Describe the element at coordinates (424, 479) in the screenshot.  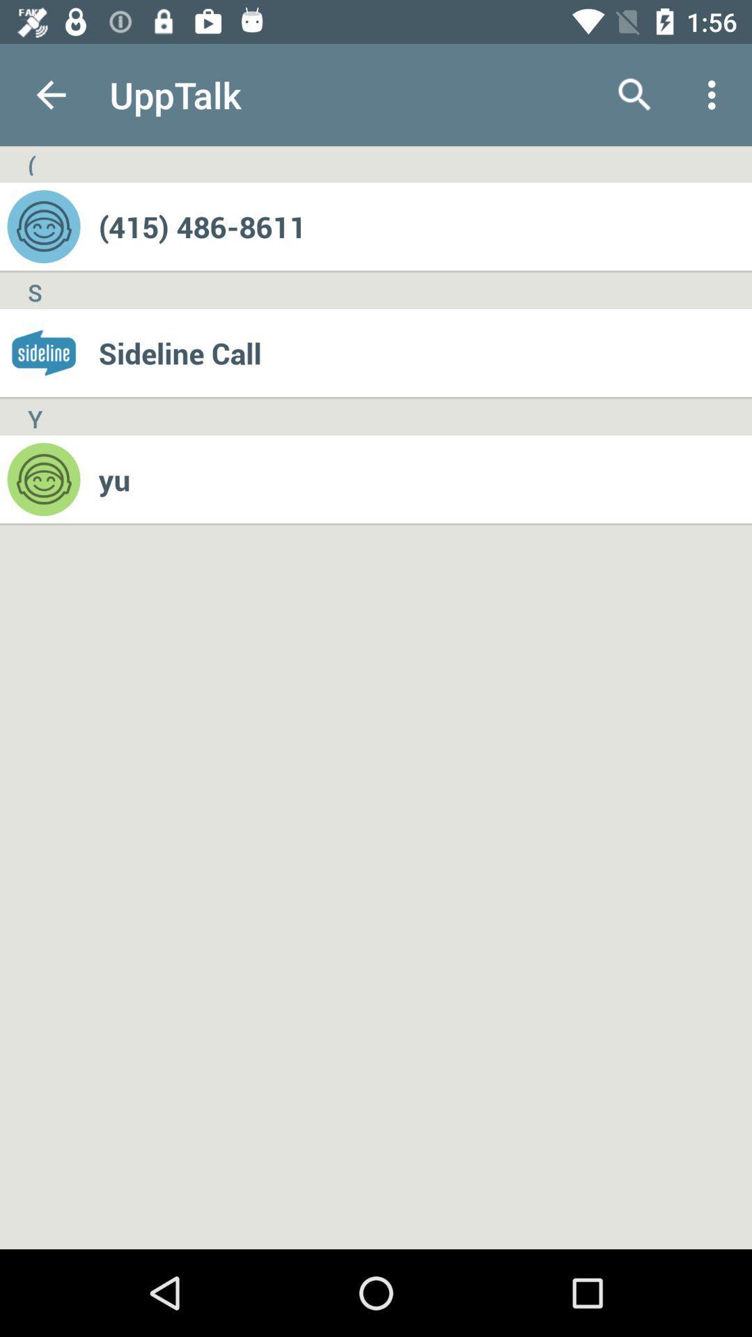
I see `icon below sideline call` at that location.